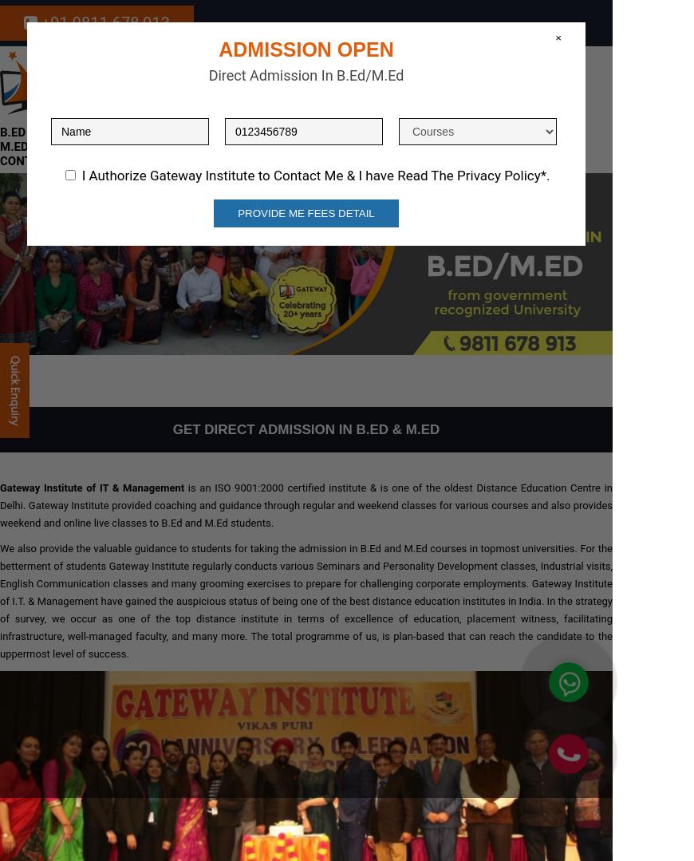 The image size is (694, 861). Describe the element at coordinates (242, 117) in the screenshot. I see `'B.Ed MDU'` at that location.